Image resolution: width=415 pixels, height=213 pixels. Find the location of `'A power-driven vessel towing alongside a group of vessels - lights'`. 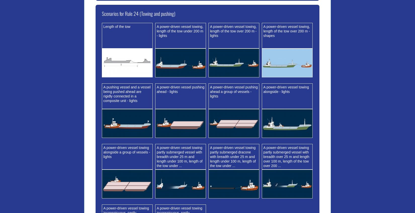

'A power-driven vessel towing alongside a group of vessels - lights' is located at coordinates (103, 152).